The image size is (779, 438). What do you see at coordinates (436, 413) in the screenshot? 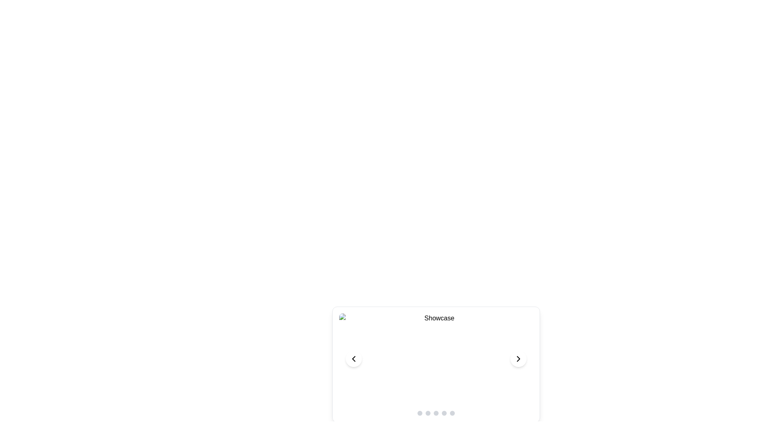
I see `the third navigation indicator button in the slideshow display, located beneath the 'Showcase' text` at bounding box center [436, 413].